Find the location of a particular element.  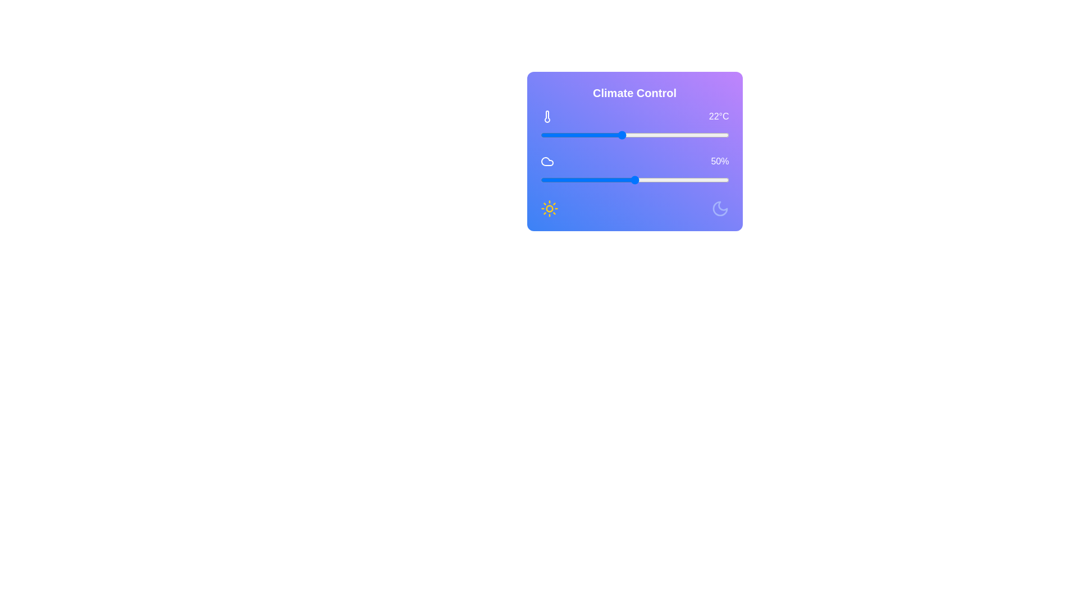

the slider is located at coordinates (719, 179).